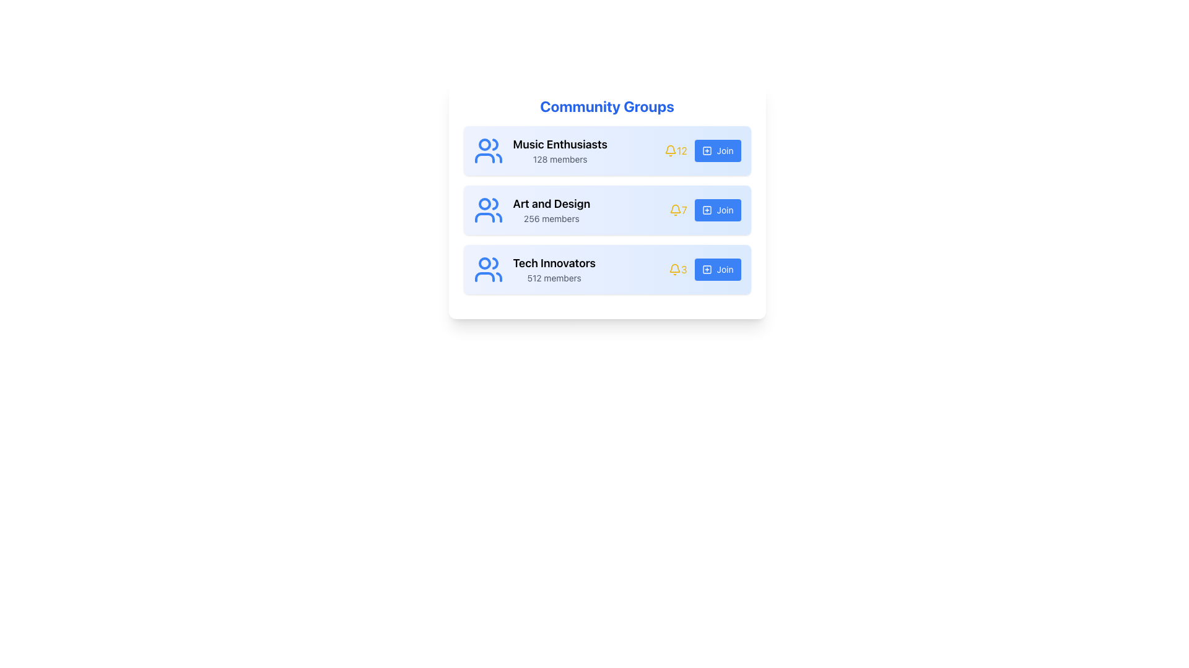 This screenshot has height=668, width=1189. I want to click on Notification indicator for the 'Tech Innovators' group, which is located on the right side of the group row before the 'Join' button, to understand or modify its design, so click(677, 268).